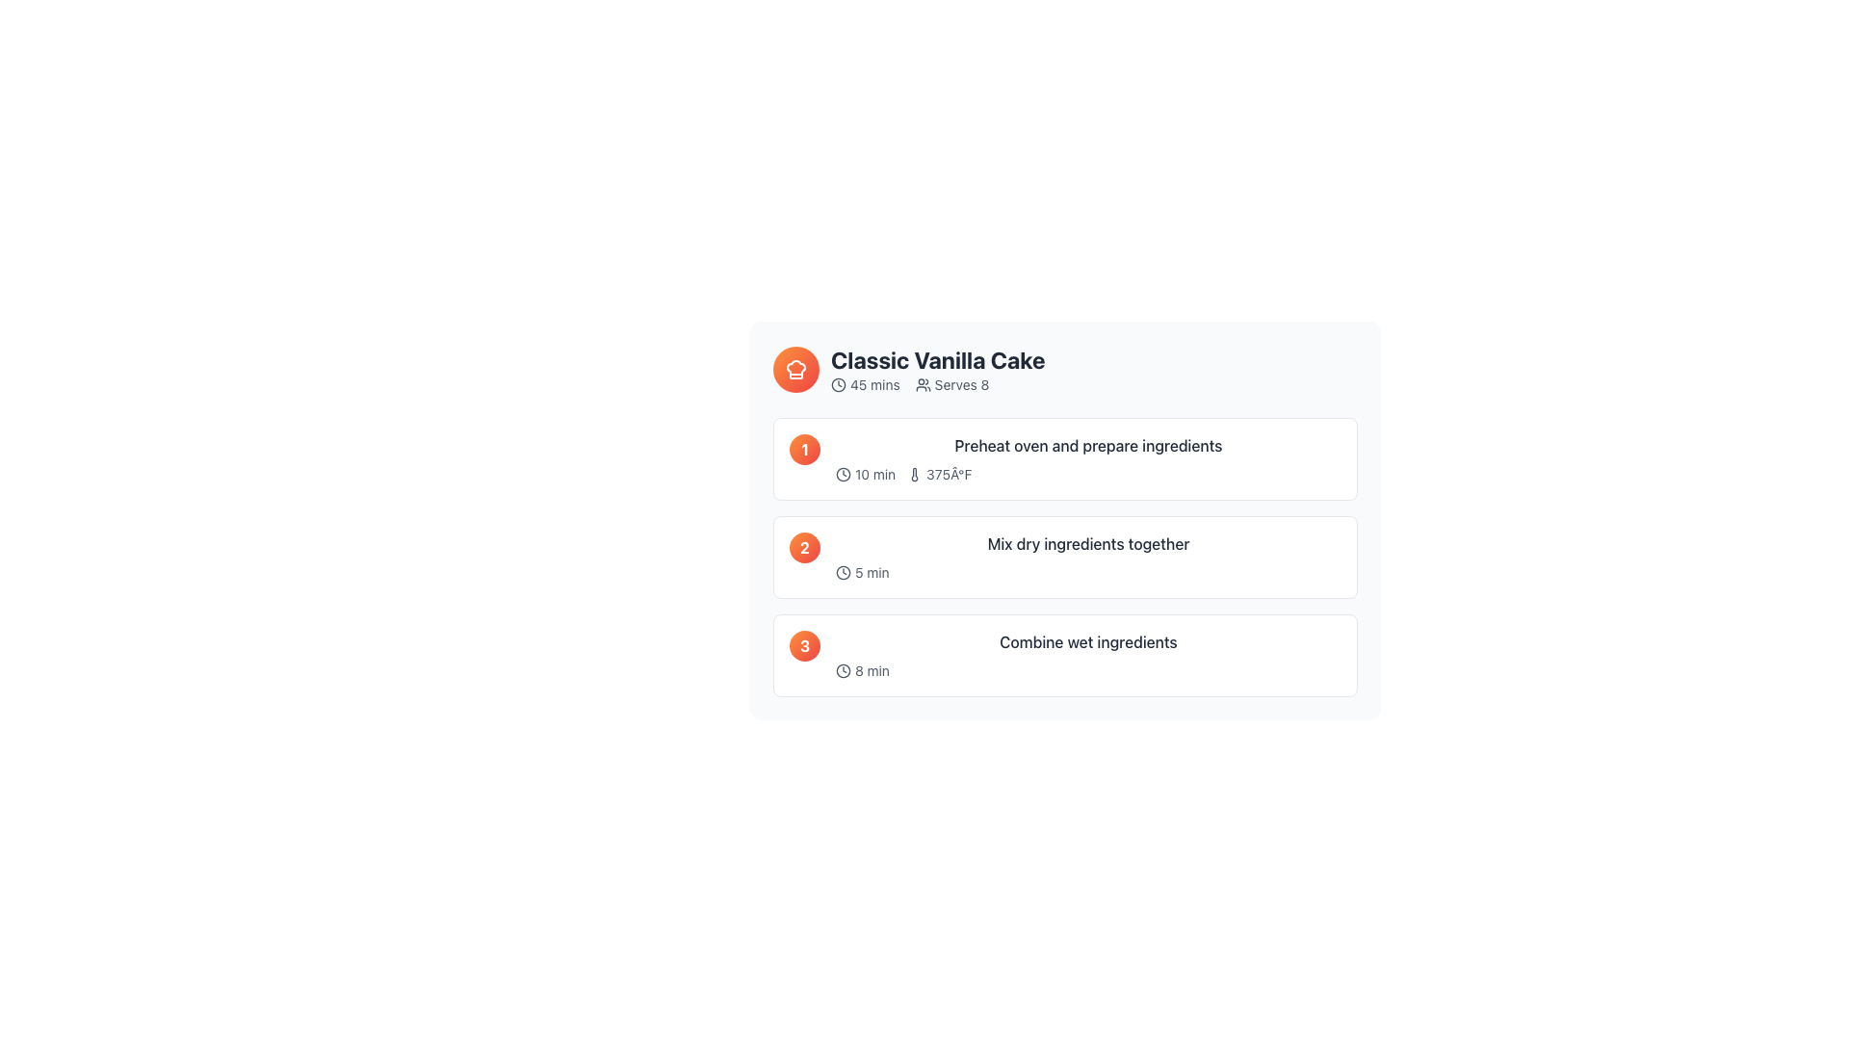 This screenshot has height=1040, width=1849. Describe the element at coordinates (843, 475) in the screenshot. I see `the SVG circle that outlines the clock graphic for the '10 min' time indicator in the first step of the 'Classic Vanilla Cake' recipe instructions` at that location.